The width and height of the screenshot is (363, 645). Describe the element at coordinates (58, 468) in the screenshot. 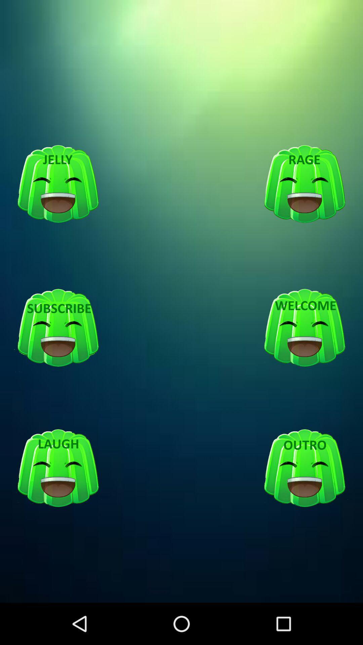

I see `laugh emotion` at that location.